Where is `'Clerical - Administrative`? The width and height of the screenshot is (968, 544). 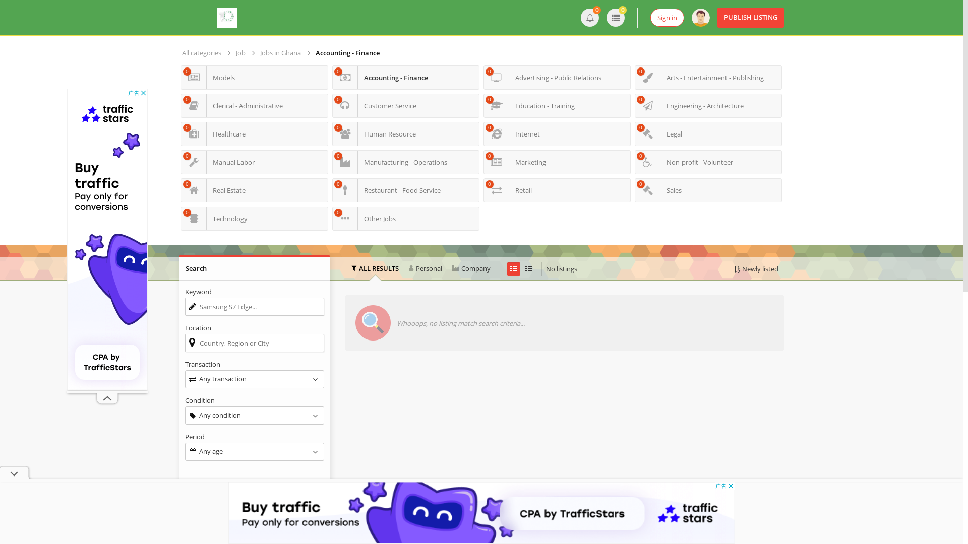 'Clerical - Administrative is located at coordinates (254, 105).